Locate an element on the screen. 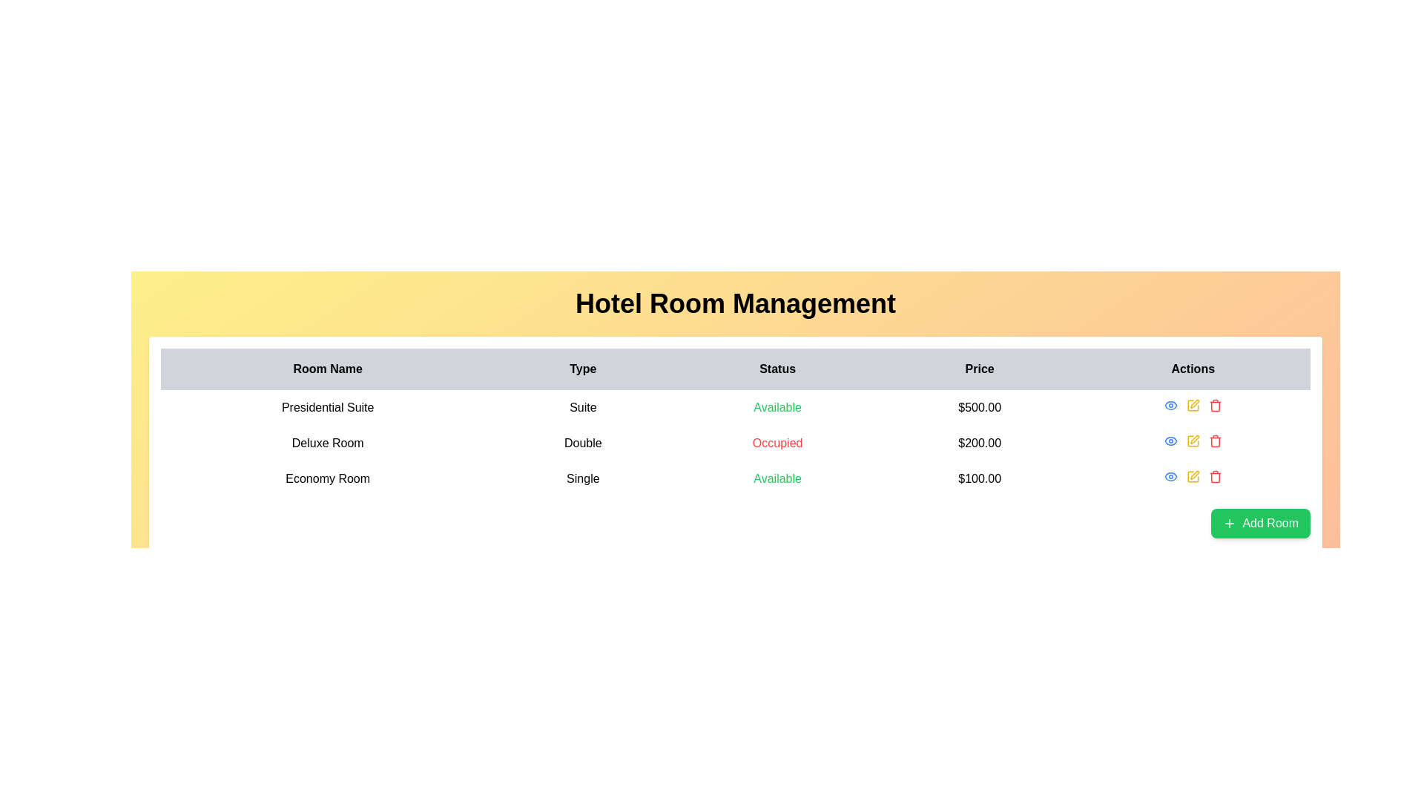 The height and width of the screenshot is (801, 1424). the availability status text label of the 'Economy Room' located in the third column under the 'Status' header is located at coordinates (777, 478).